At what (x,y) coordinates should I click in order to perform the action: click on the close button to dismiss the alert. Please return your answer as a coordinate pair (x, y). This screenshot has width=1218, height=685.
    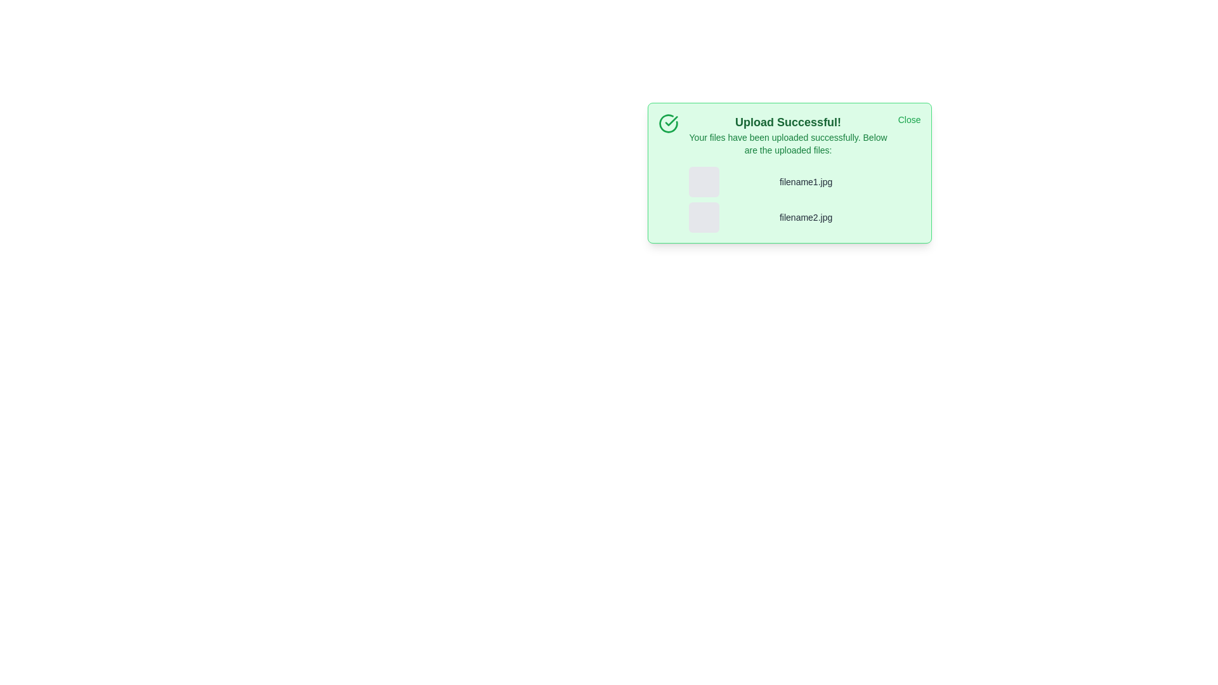
    Looking at the image, I should click on (908, 120).